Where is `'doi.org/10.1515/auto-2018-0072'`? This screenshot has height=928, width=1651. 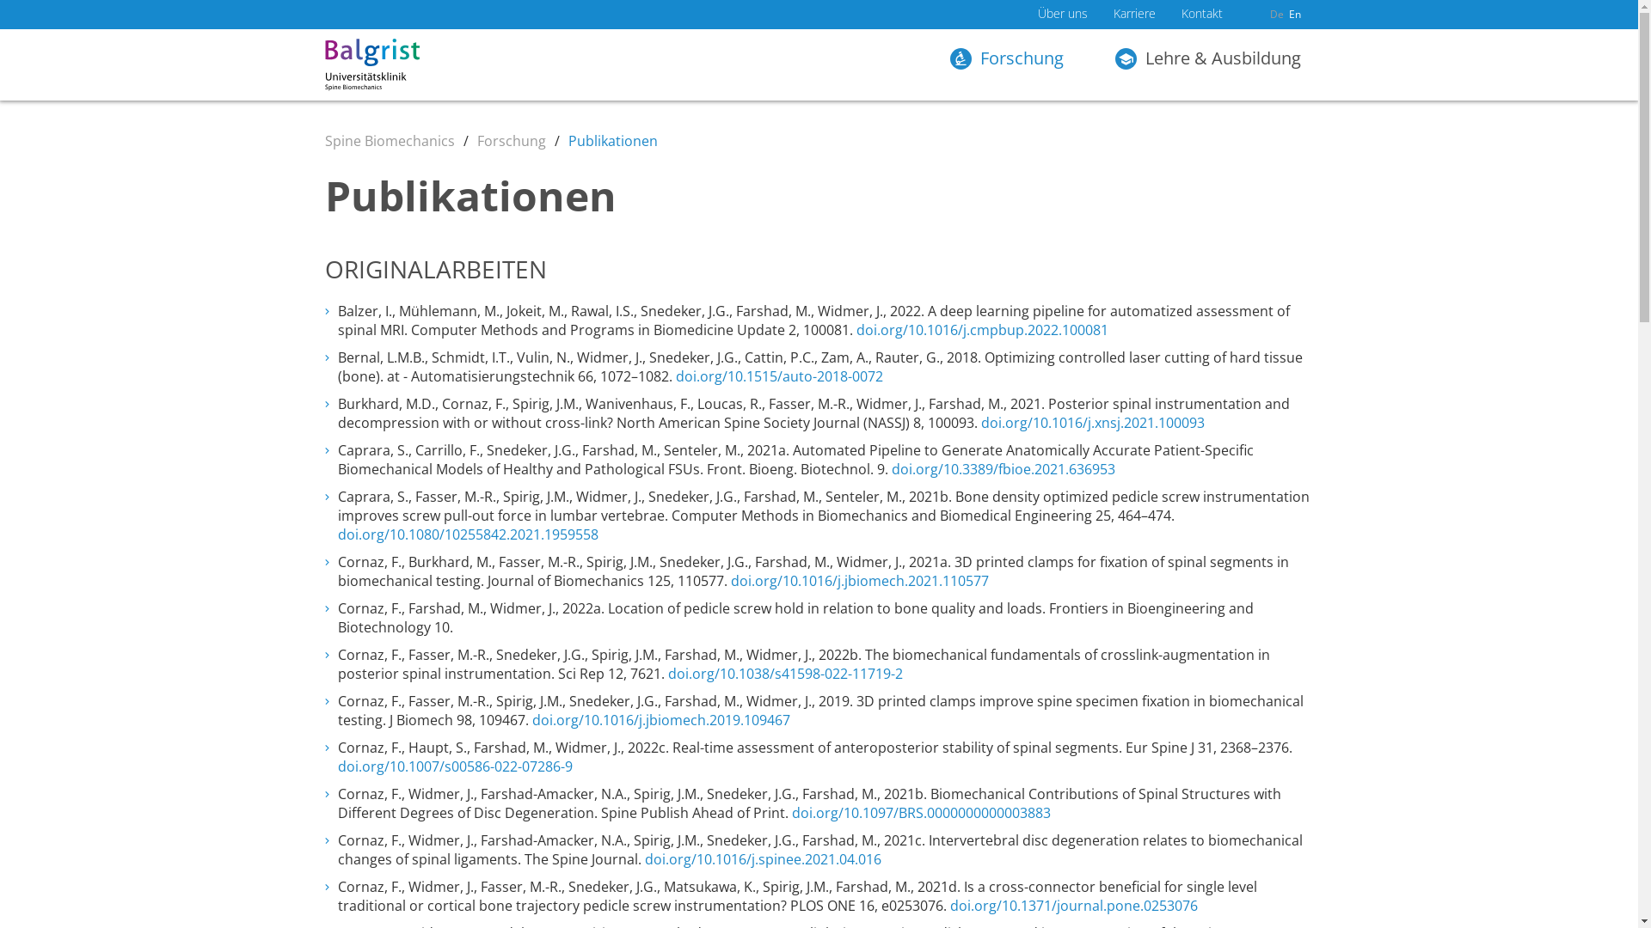
'doi.org/10.1515/auto-2018-0072' is located at coordinates (778, 375).